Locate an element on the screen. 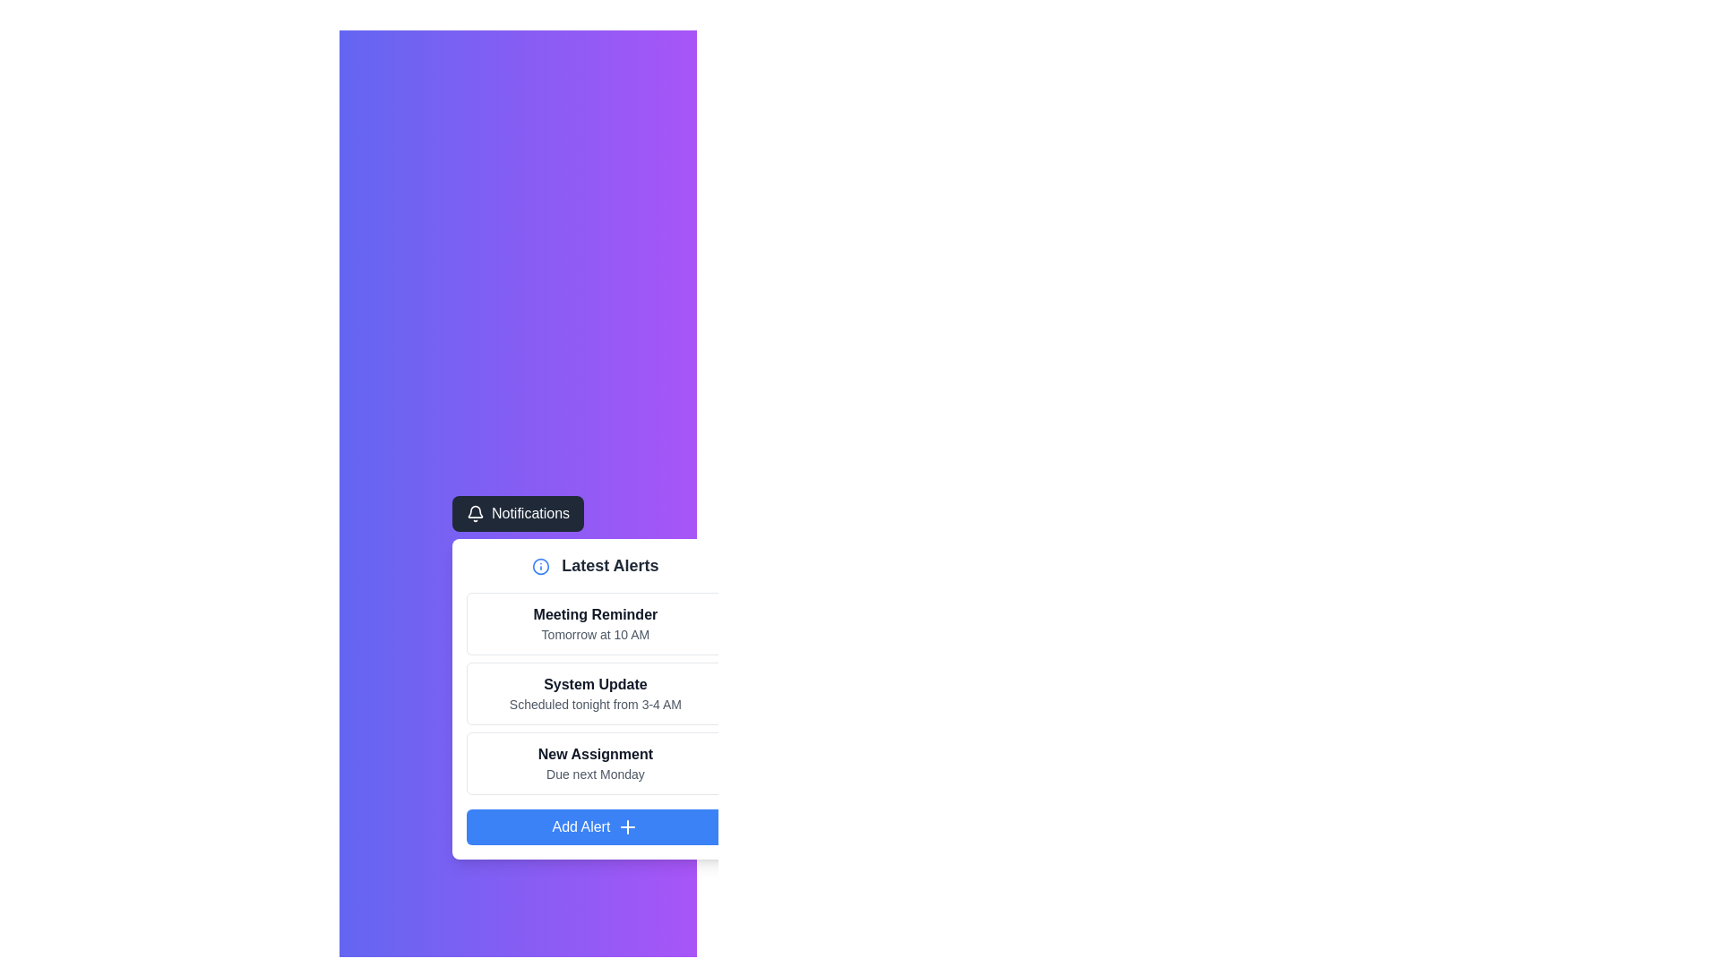 The width and height of the screenshot is (1720, 967). the third notification card in the notification panel, which informs the user about a new assignment and its due date is located at coordinates (595, 763).